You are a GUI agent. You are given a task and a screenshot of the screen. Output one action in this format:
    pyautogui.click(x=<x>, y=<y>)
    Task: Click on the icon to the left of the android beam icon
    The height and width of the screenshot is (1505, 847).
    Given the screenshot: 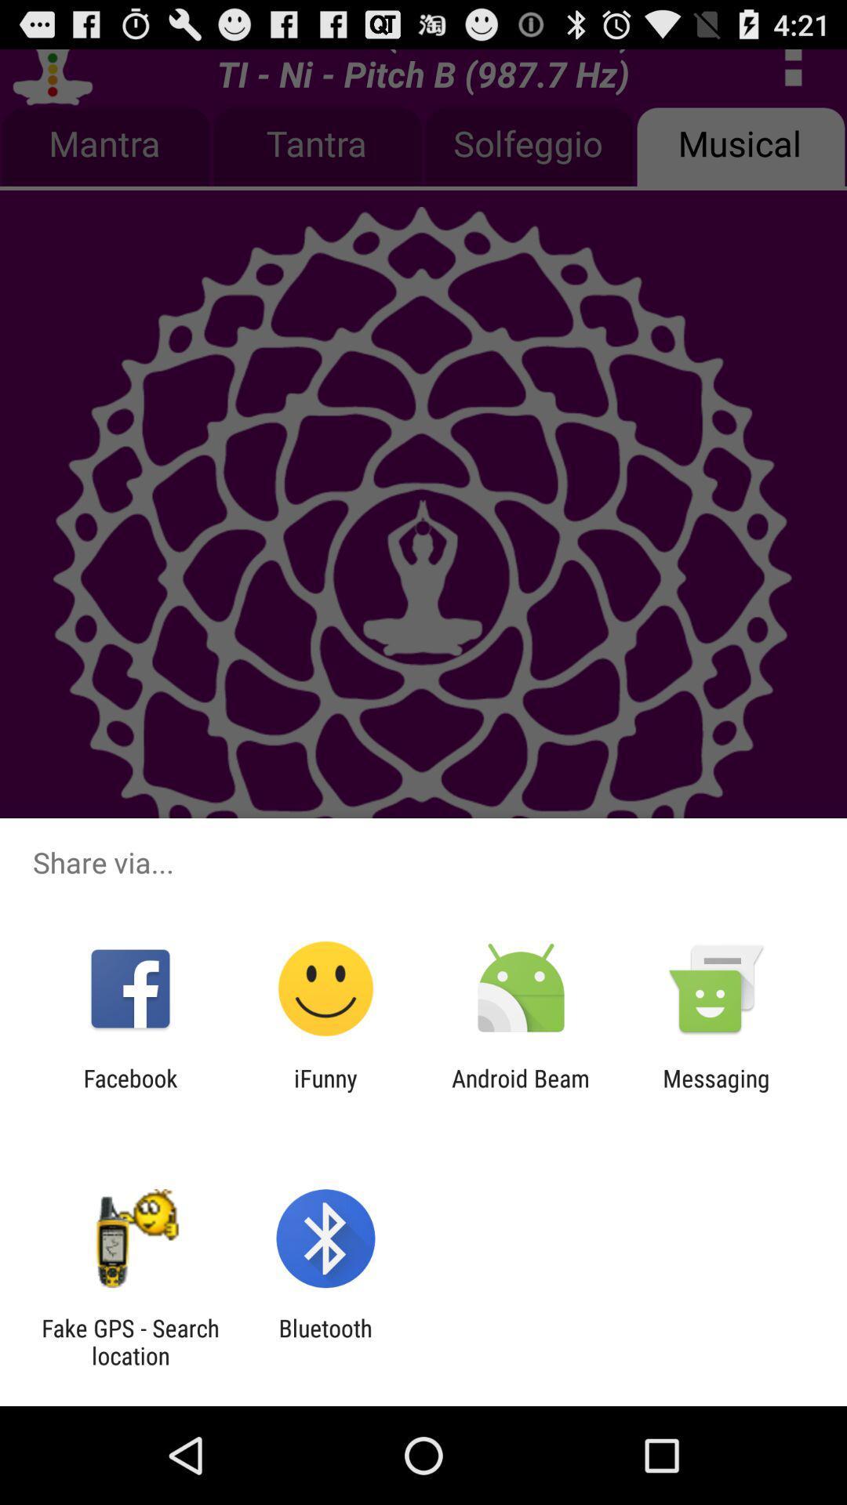 What is the action you would take?
    pyautogui.click(x=325, y=1091)
    